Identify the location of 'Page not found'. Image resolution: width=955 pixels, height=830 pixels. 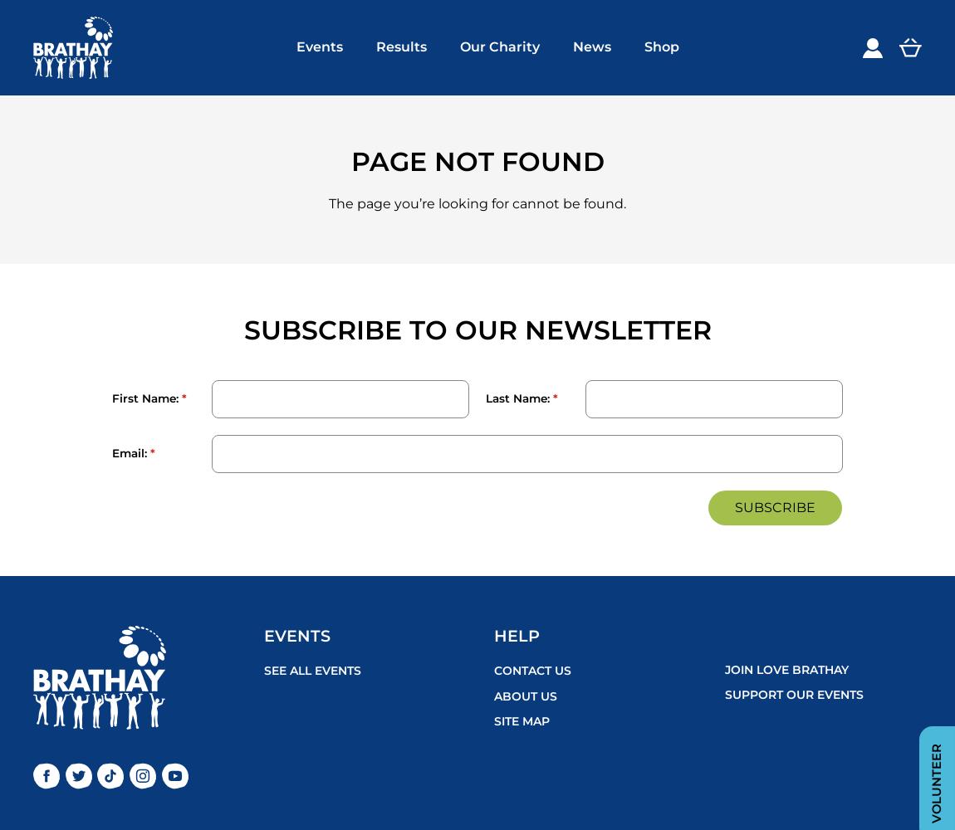
(477, 159).